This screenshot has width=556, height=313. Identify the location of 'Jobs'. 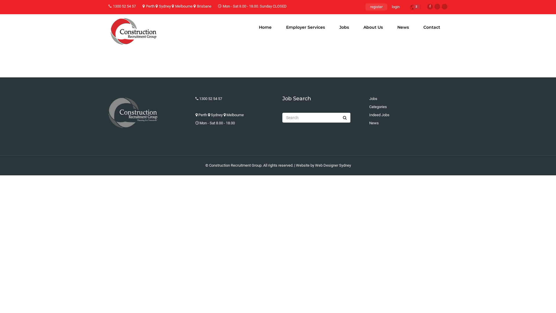
(332, 27).